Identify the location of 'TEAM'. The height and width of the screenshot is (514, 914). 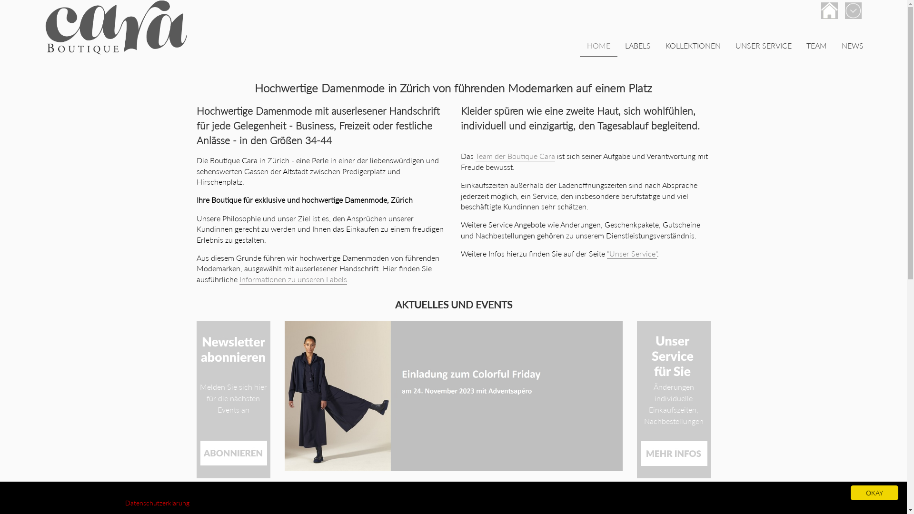
(799, 46).